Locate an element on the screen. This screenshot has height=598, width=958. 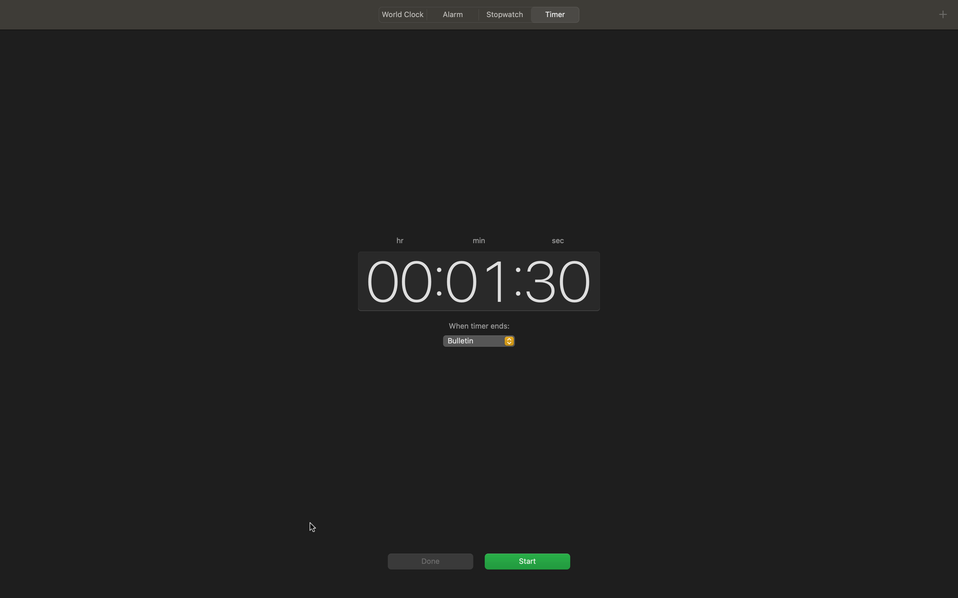
Timer is located at coordinates (527, 560).